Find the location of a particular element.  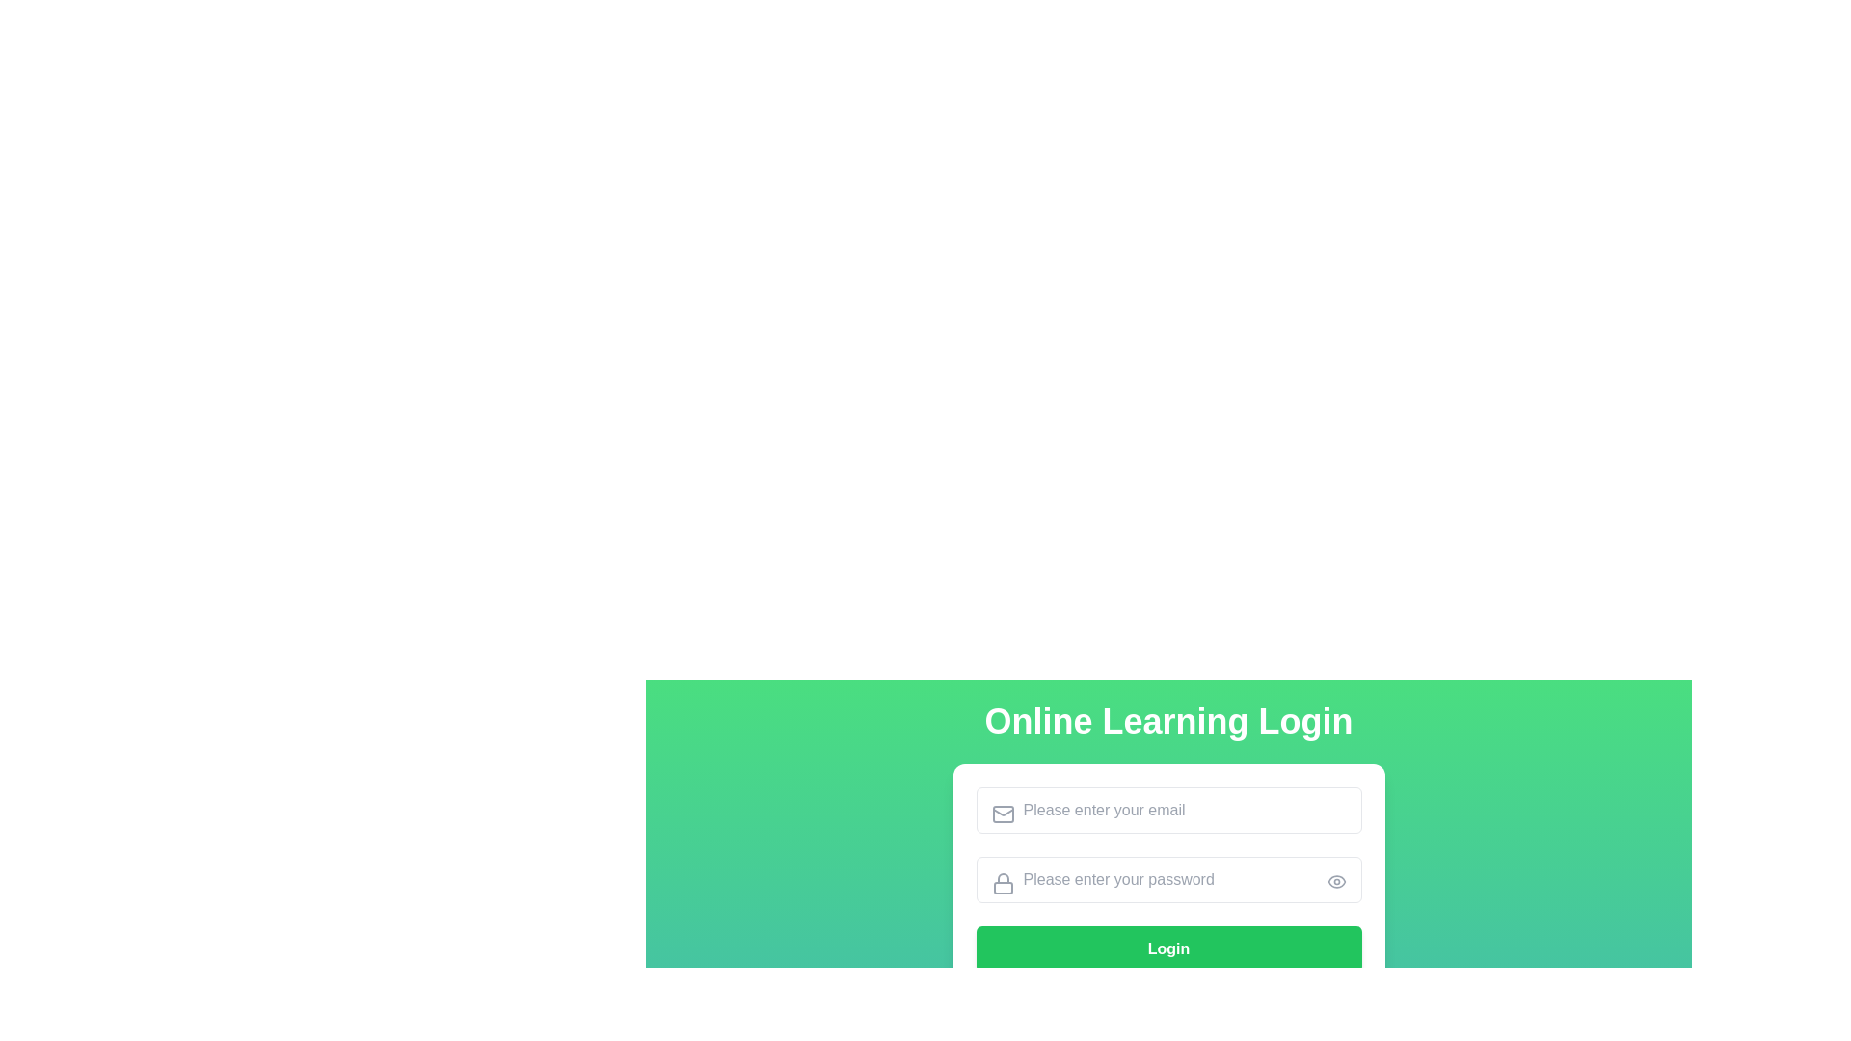

the lock icon located on the left side of the password input field, which signifies that the field is for entering a password and emphasizes security is located at coordinates (1003, 884).